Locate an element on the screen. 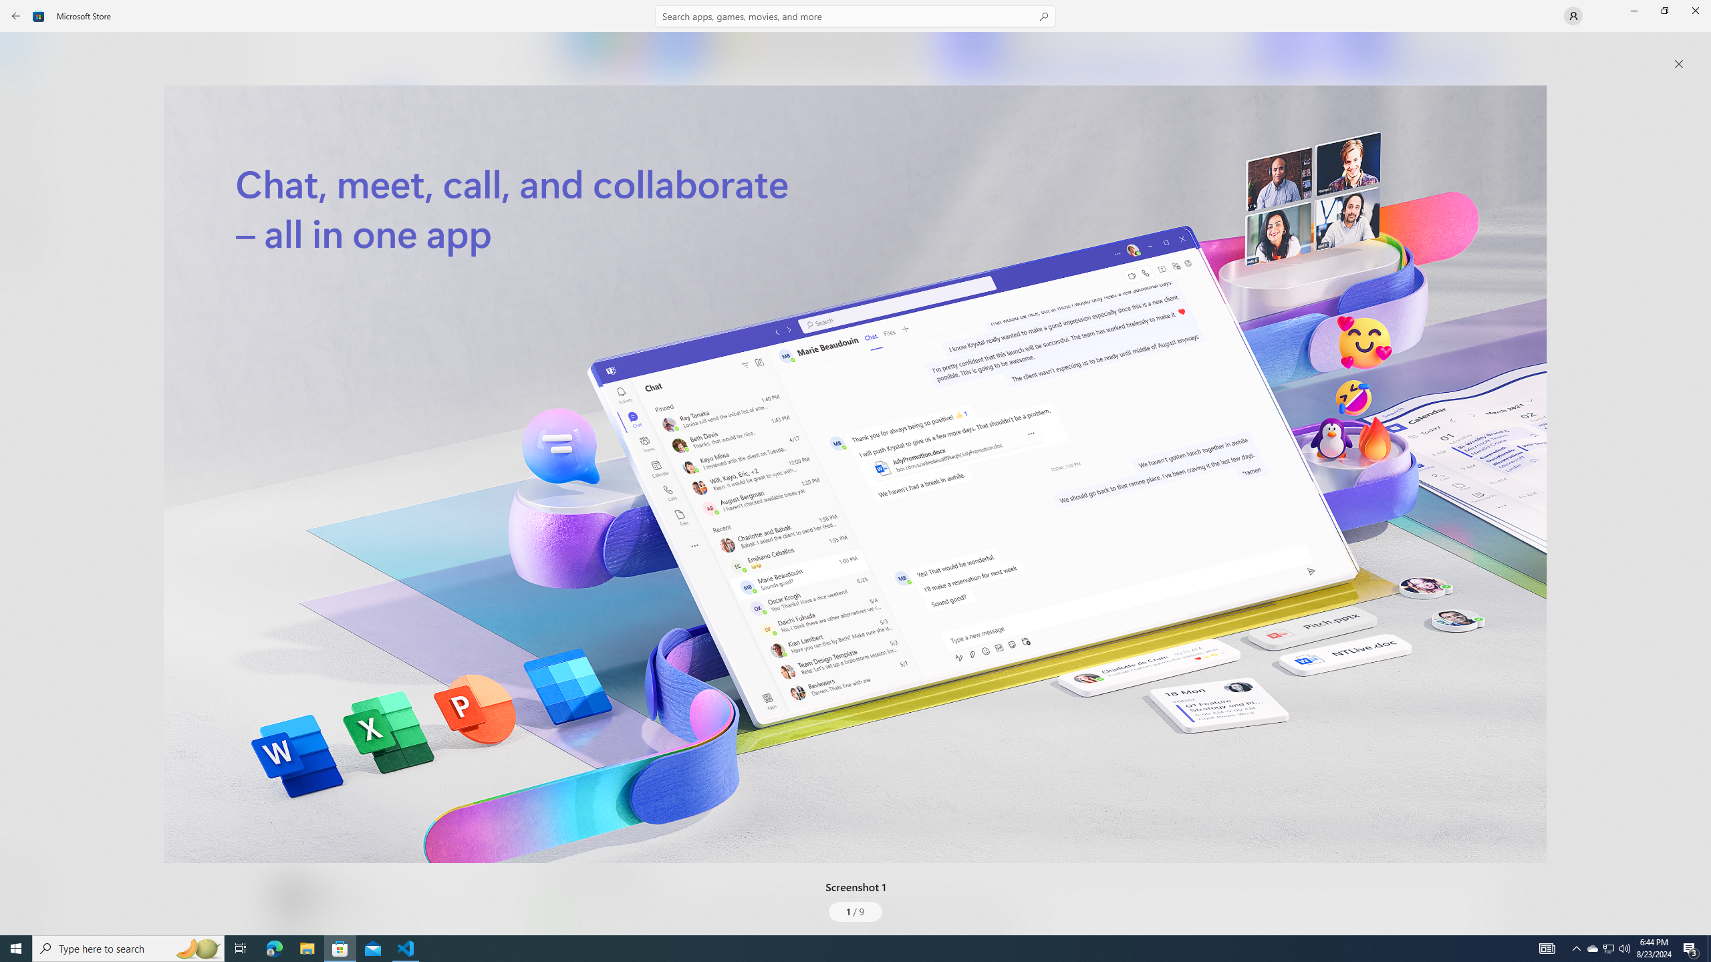  'close popup window' is located at coordinates (1678, 63).